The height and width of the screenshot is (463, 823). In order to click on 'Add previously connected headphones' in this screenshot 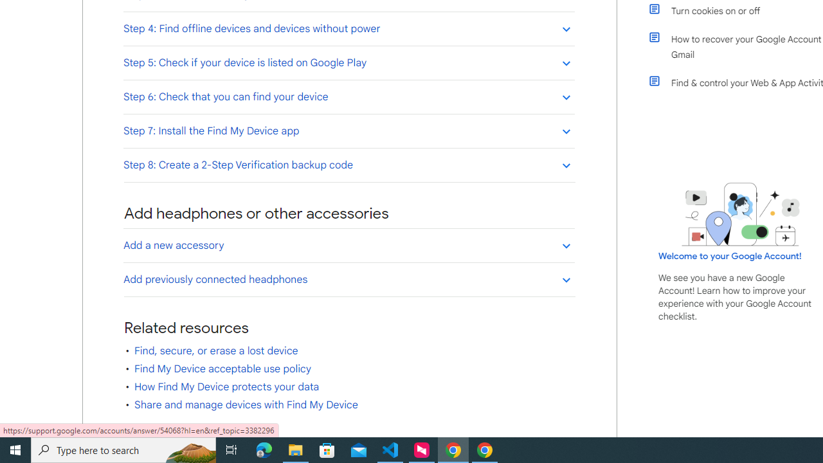, I will do `click(348, 278)`.